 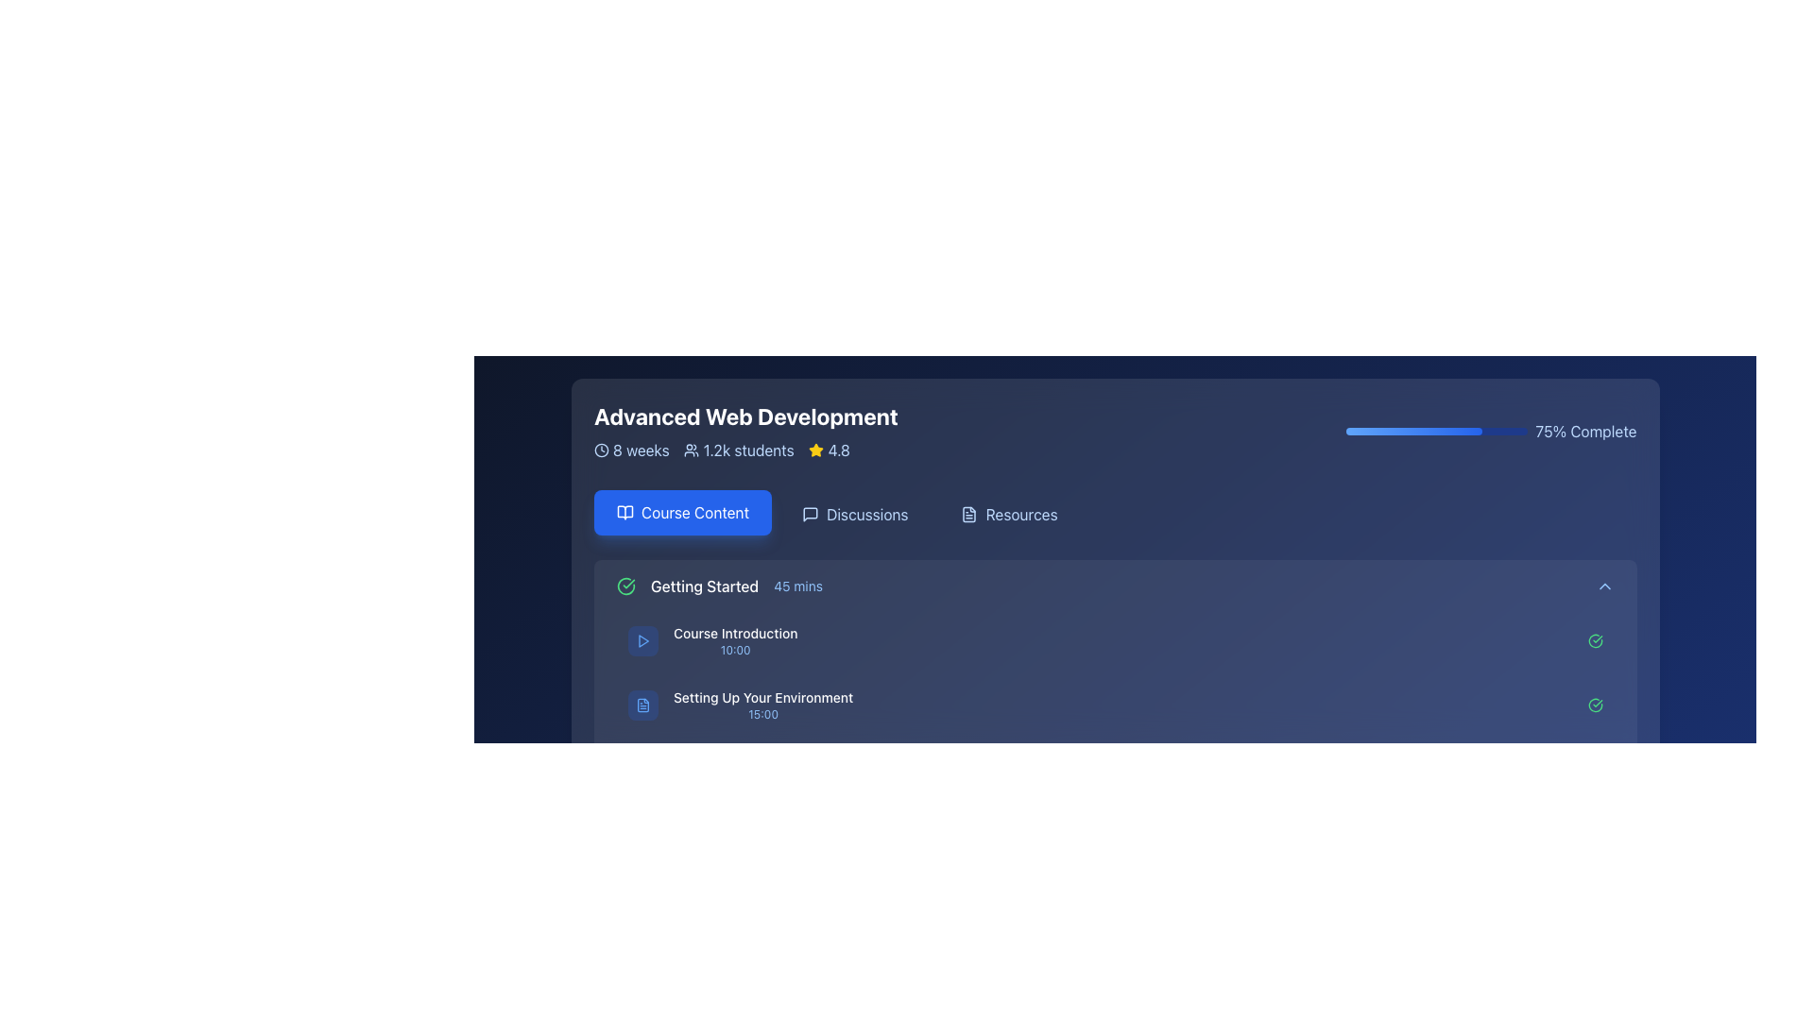 I want to click on the icon representing the number of enrolled students, located to the left of the text '1.2k students' in the header section of the 'Advanced Web Development' panel, so click(x=691, y=450).